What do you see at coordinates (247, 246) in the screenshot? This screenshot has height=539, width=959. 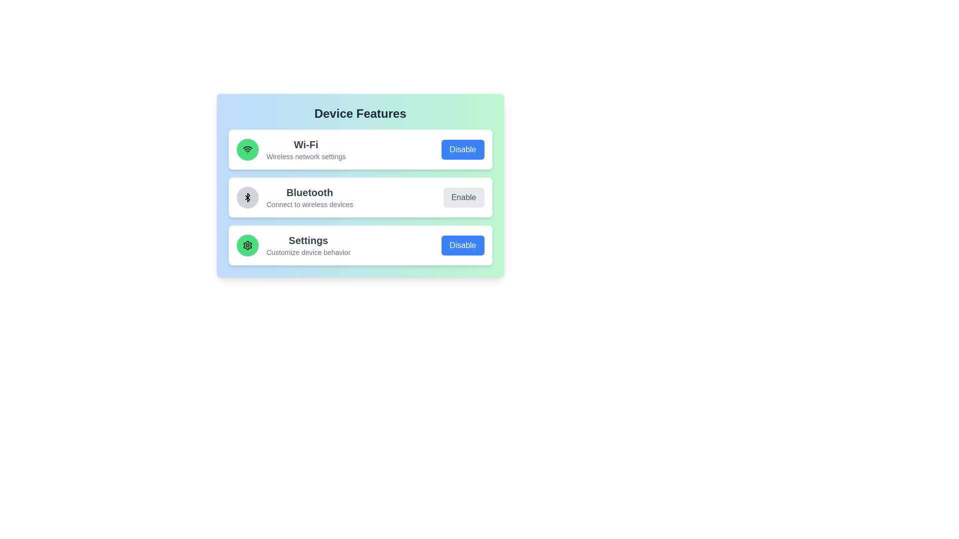 I see `the icon representing the Settings feature` at bounding box center [247, 246].